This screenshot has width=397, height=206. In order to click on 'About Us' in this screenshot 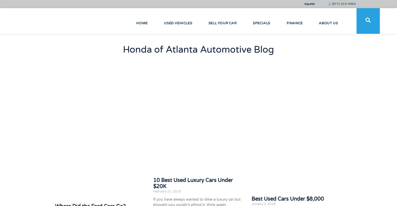, I will do `click(328, 23)`.